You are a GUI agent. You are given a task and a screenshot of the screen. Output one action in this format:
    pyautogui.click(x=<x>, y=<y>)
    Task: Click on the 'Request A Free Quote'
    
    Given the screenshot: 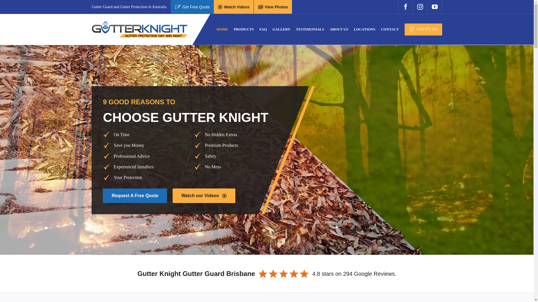 What is the action you would take?
    pyautogui.click(x=135, y=195)
    